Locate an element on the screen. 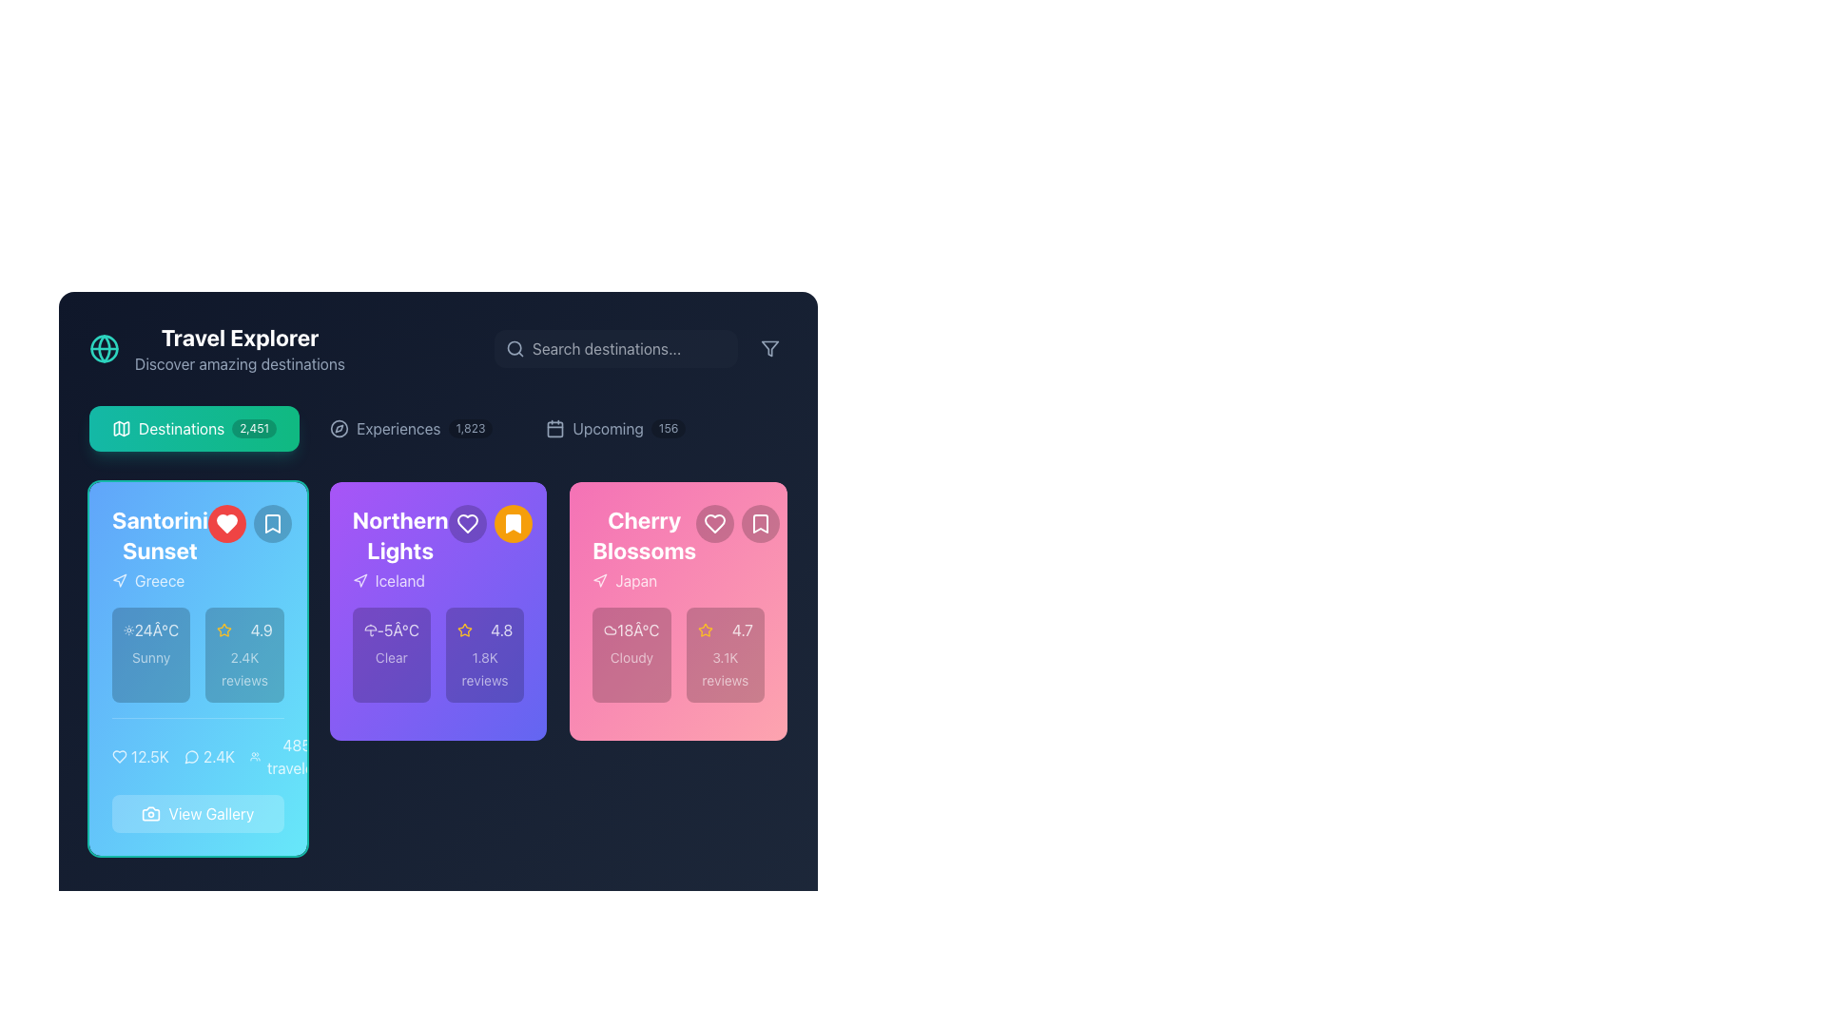  the text label displaying the value '4.8' next to the yellow star icon within the purple card labeled 'Northern Lights' for potential interactions is located at coordinates (485, 630).